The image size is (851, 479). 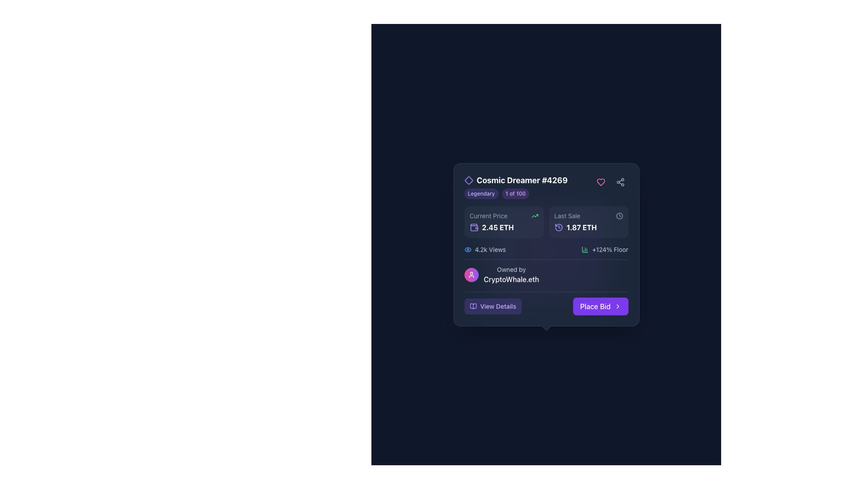 I want to click on the chevron icon located to the far right of the 'Place Bid' button, which visually indicates forward movement and reinforces the button's clickability, so click(x=617, y=306).